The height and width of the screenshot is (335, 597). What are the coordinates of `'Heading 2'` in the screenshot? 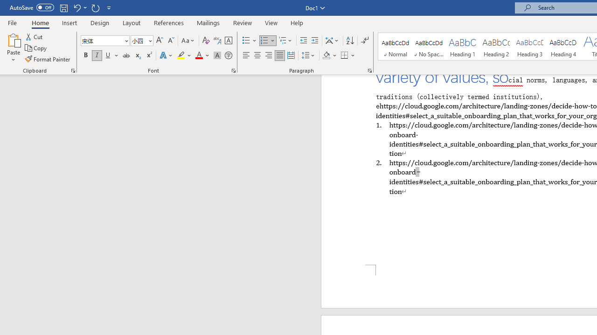 It's located at (495, 47).